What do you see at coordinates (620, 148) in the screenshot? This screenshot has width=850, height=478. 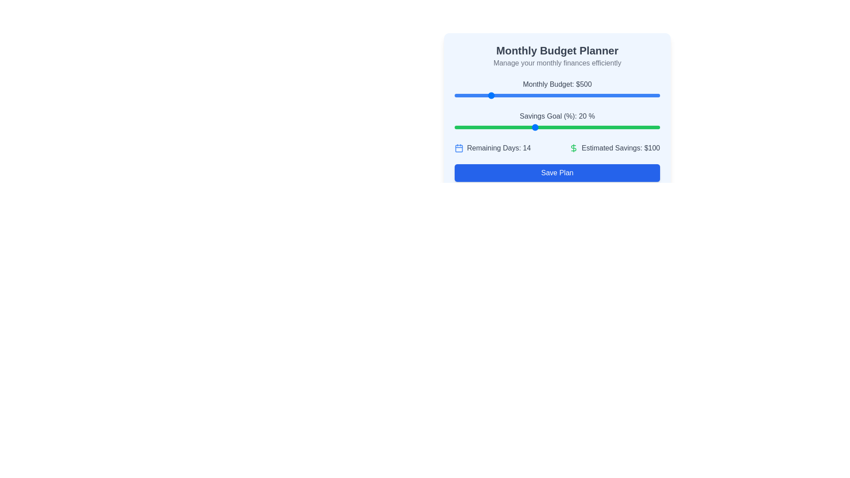 I see `the text label that reads 'Estimated Savings: $100', which is styled with a gray font color and located next to a green dollar icon in the financial planning interface` at bounding box center [620, 148].